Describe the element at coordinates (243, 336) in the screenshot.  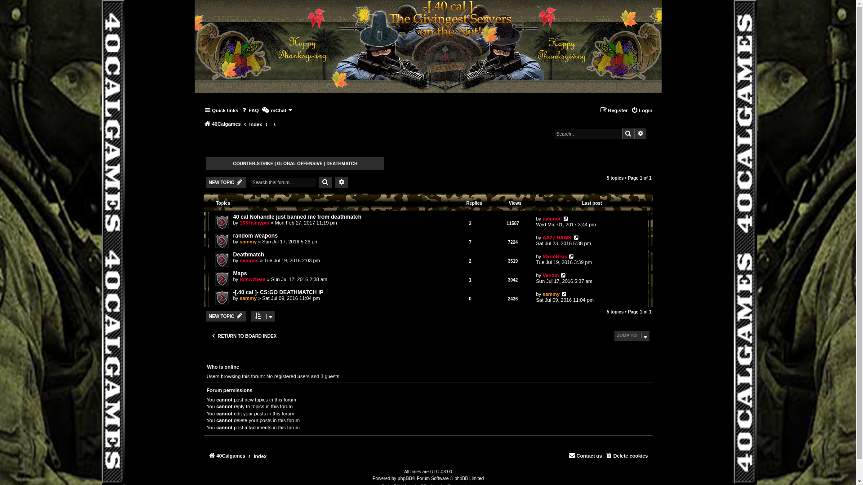
I see `'RETURN TO BOARD INDEX'` at that location.